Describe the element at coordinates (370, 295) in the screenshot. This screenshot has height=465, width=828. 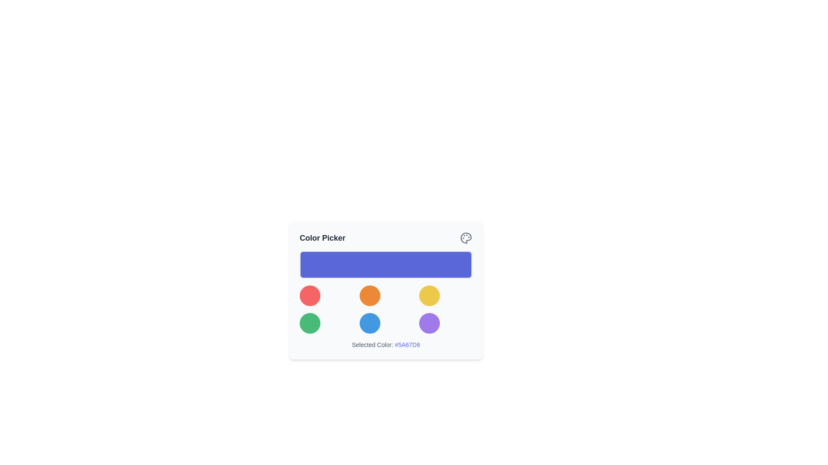
I see `the circular button with an orange background located in the top row of a 3x2 grid, to the right of a red button and to the left of a yellow button` at that location.